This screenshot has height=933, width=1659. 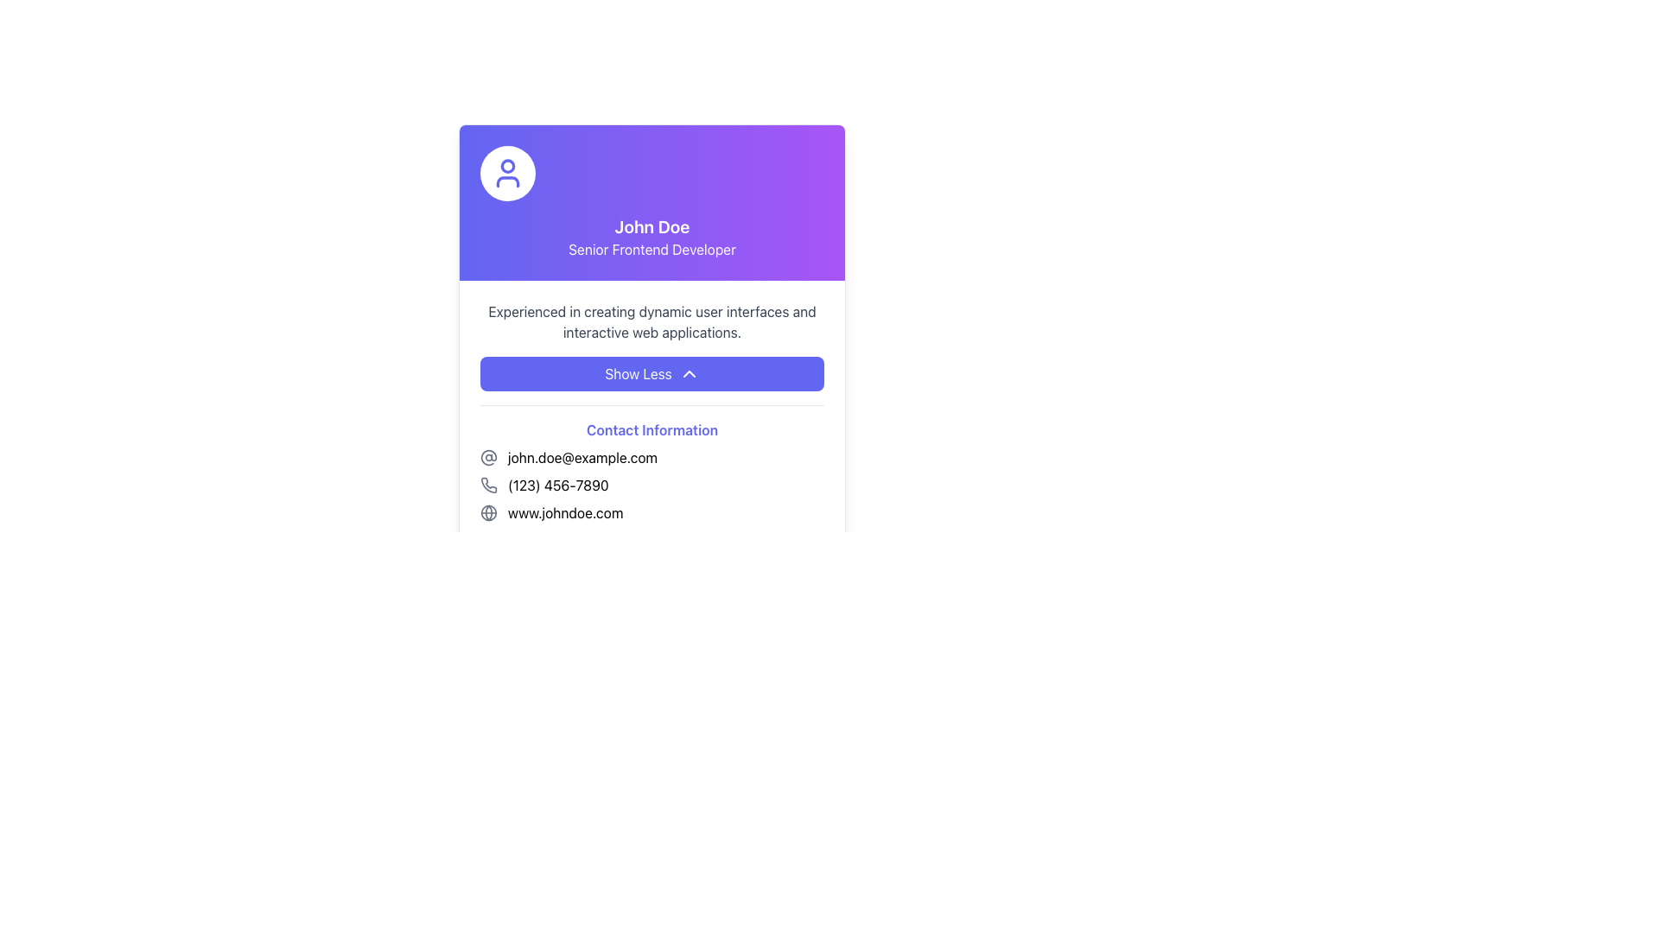 What do you see at coordinates (651, 486) in the screenshot?
I see `the List displaying contact information with icons located in the 'Contact Information' section, which shows email, phone number, and website details` at bounding box center [651, 486].